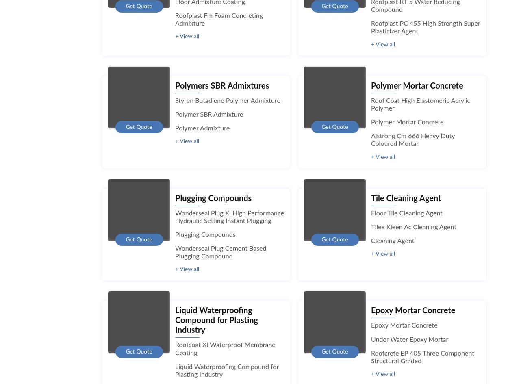  Describe the element at coordinates (421, 104) in the screenshot. I see `'Roof Coat High Elastomeric Acrylic Polymer'` at that location.